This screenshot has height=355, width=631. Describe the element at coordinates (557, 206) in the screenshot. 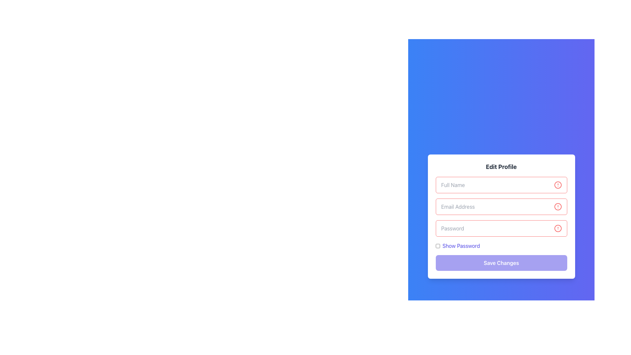

I see `the circular red warning icon that is part of the alert icon next to the 'Email Address' input field` at that location.